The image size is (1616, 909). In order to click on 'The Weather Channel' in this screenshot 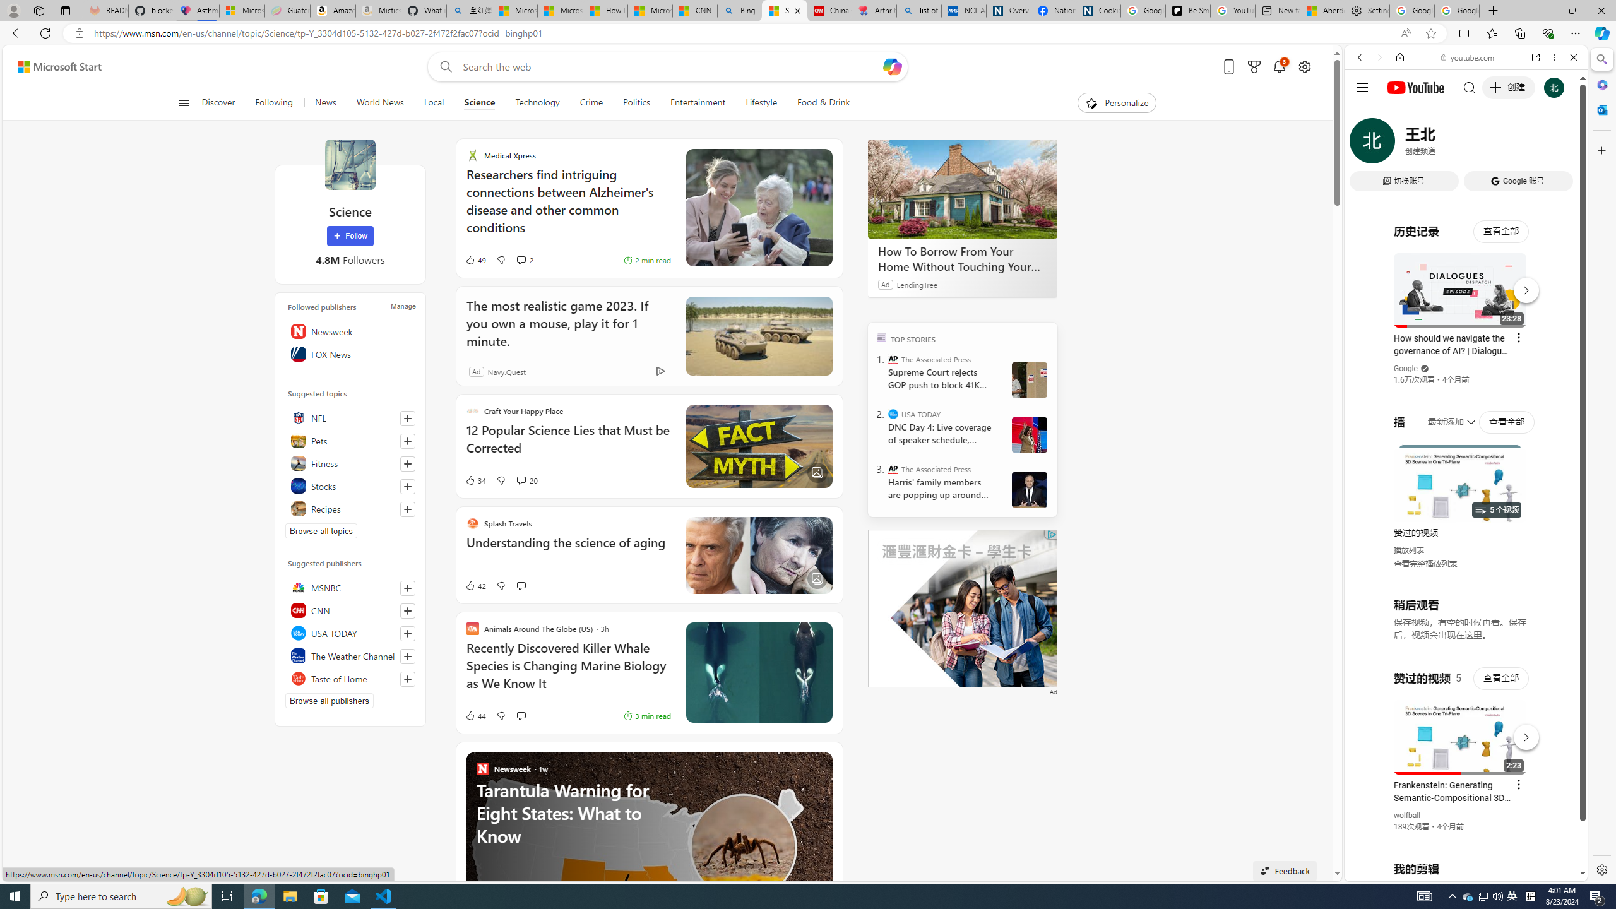, I will do `click(350, 655)`.